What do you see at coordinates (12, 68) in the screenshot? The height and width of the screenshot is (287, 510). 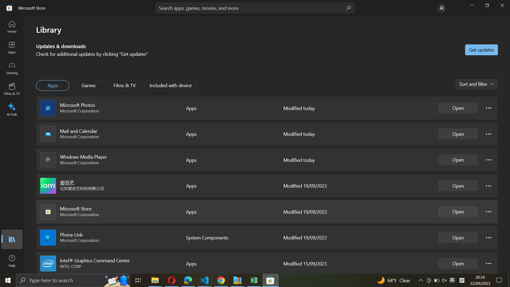 I see `Execute Gaming` at bounding box center [12, 68].